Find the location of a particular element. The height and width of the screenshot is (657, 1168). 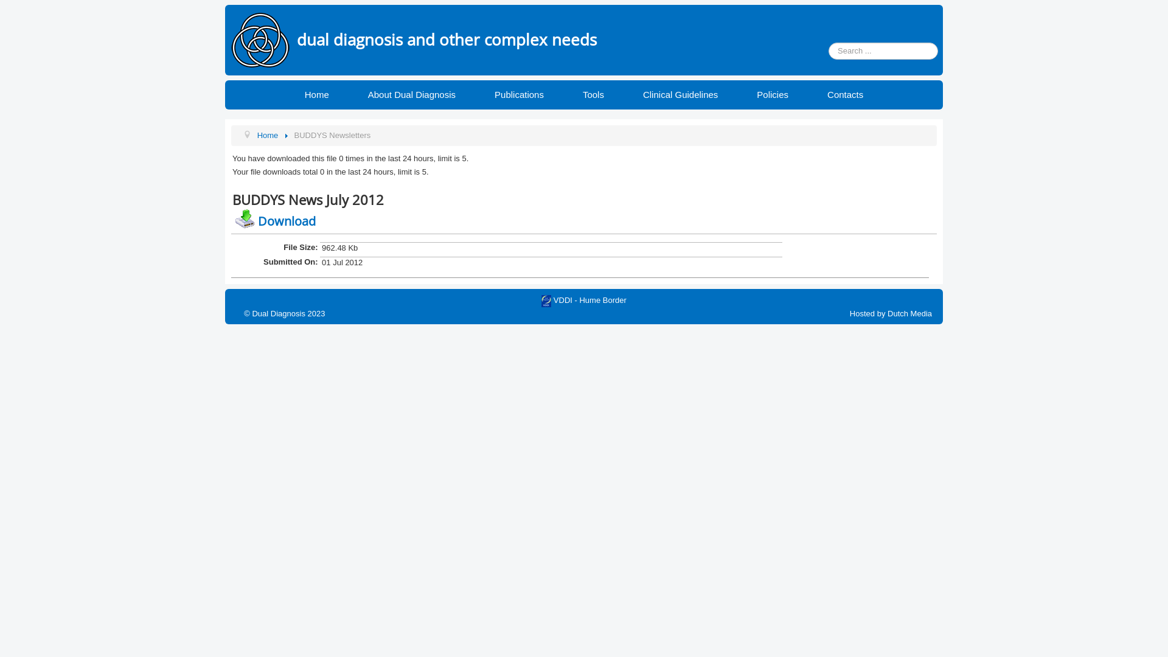

'About Dual Diagnosis' is located at coordinates (411, 94).